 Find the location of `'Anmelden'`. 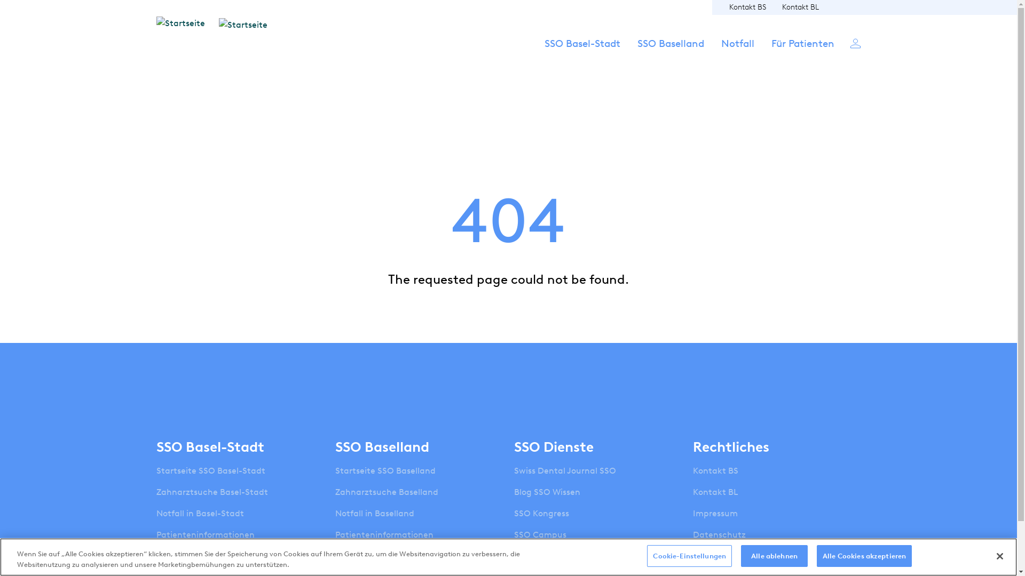

'Anmelden' is located at coordinates (849, 42).